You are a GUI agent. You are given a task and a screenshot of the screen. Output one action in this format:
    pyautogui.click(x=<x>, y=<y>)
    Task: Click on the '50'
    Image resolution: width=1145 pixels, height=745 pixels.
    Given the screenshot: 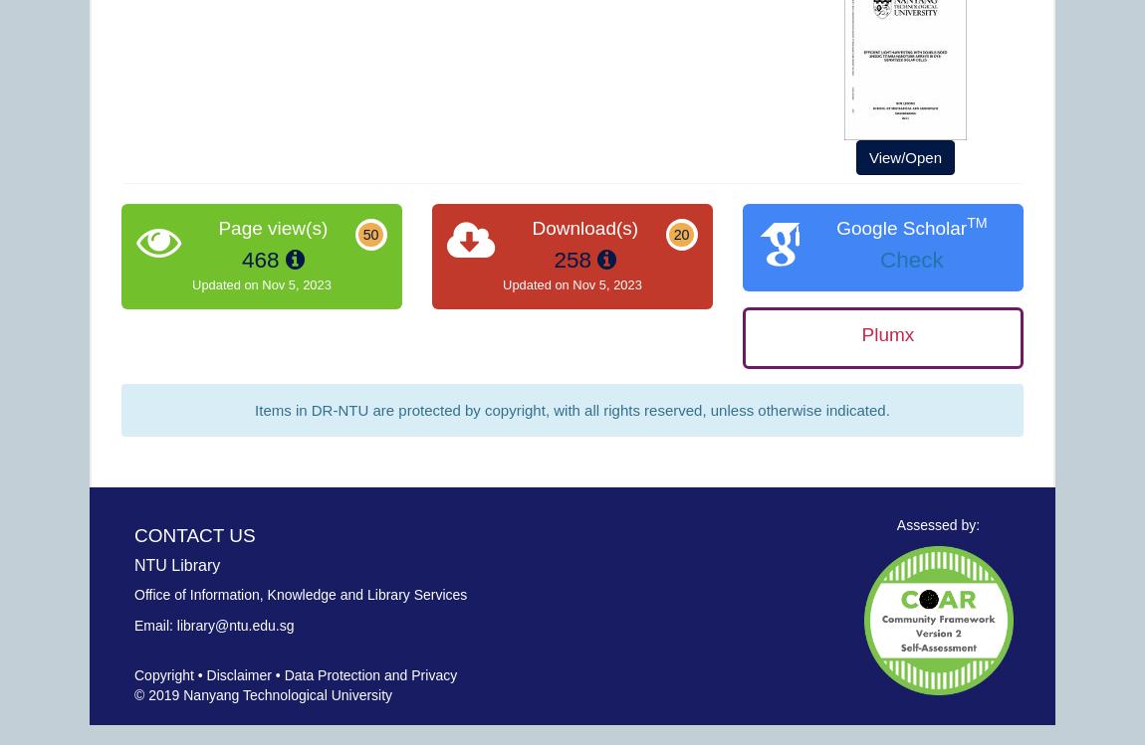 What is the action you would take?
    pyautogui.click(x=370, y=234)
    